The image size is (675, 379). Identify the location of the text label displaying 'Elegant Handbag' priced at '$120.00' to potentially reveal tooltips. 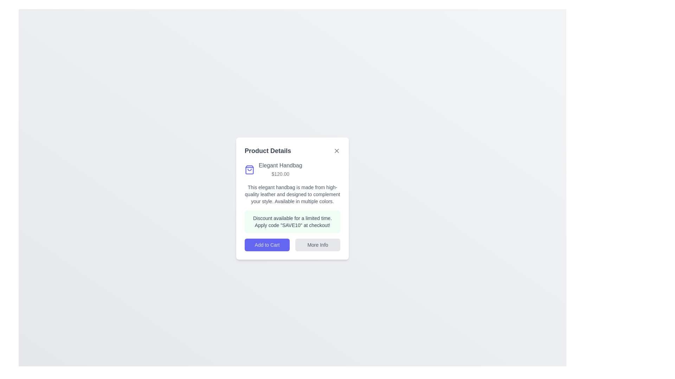
(280, 169).